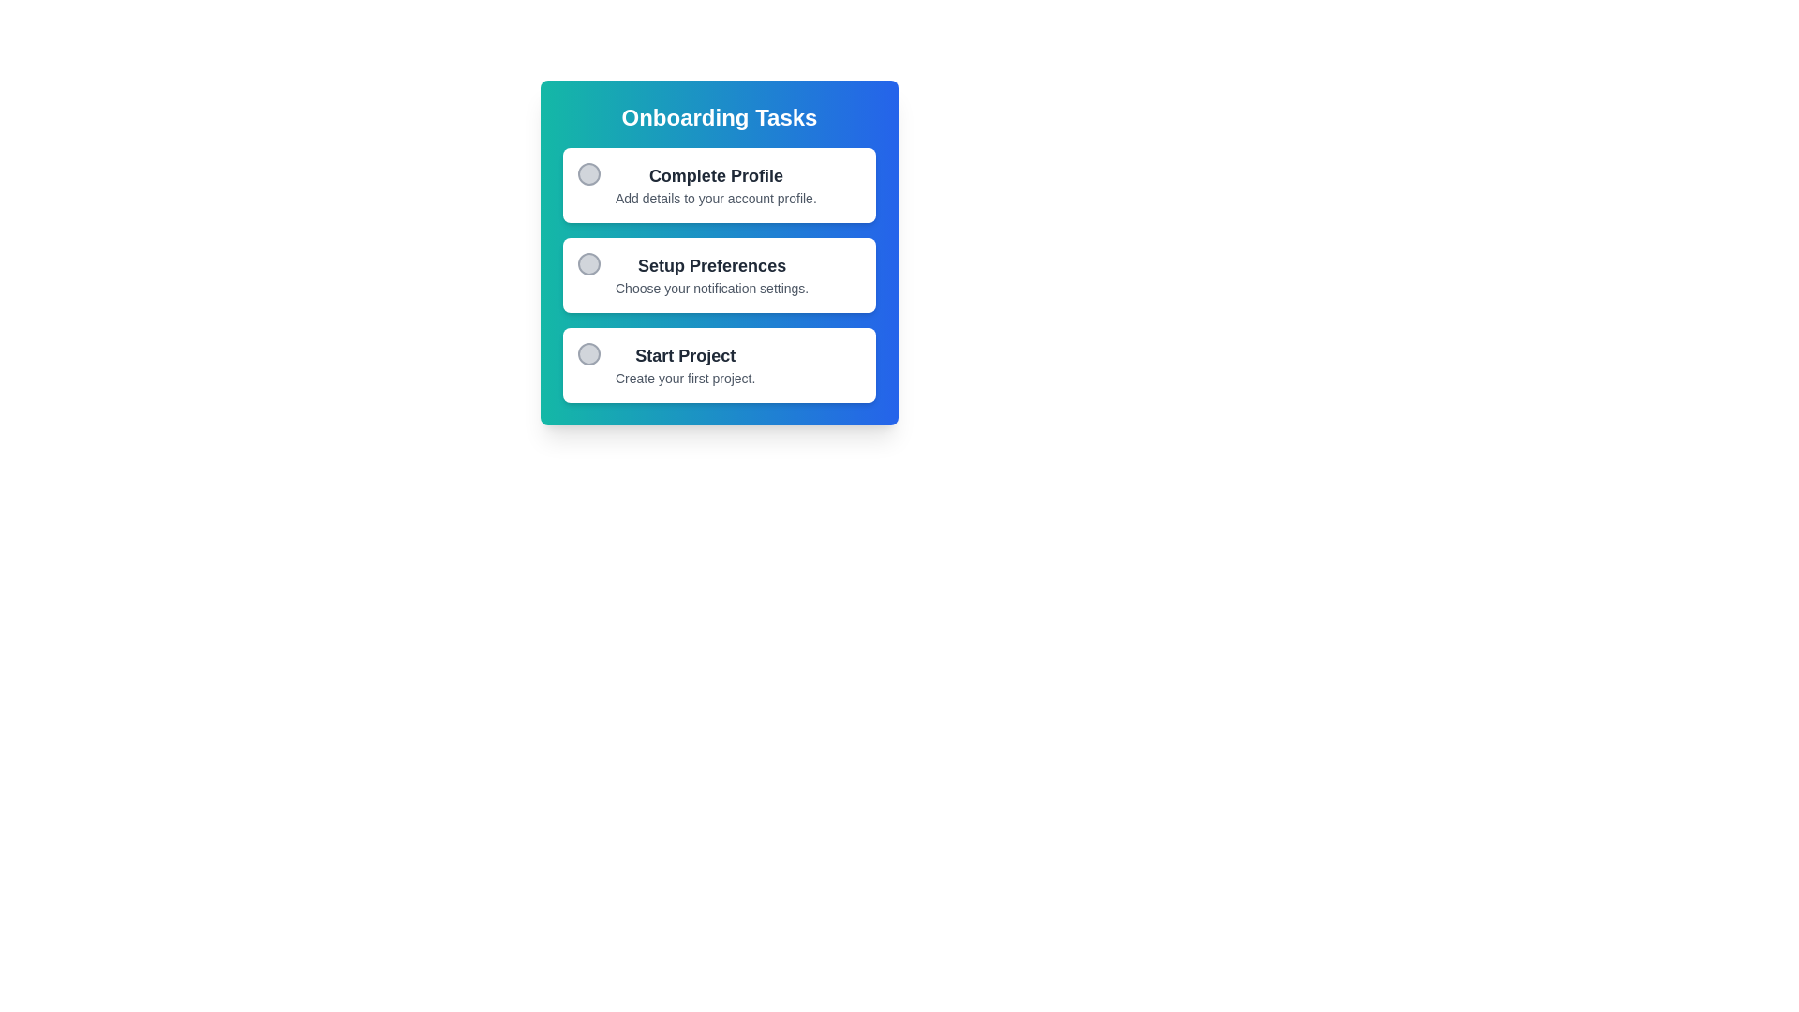 The width and height of the screenshot is (1799, 1012). What do you see at coordinates (587, 173) in the screenshot?
I see `the circular unselected radio button with a light gray background and dark gray border, located at the far left of the 'Complete Profile' task item in the 'Onboarding Tasks' panel` at bounding box center [587, 173].